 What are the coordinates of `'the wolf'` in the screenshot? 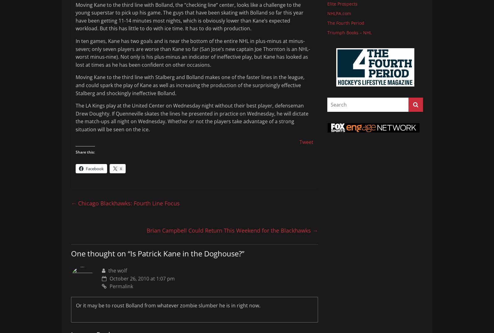 It's located at (117, 270).